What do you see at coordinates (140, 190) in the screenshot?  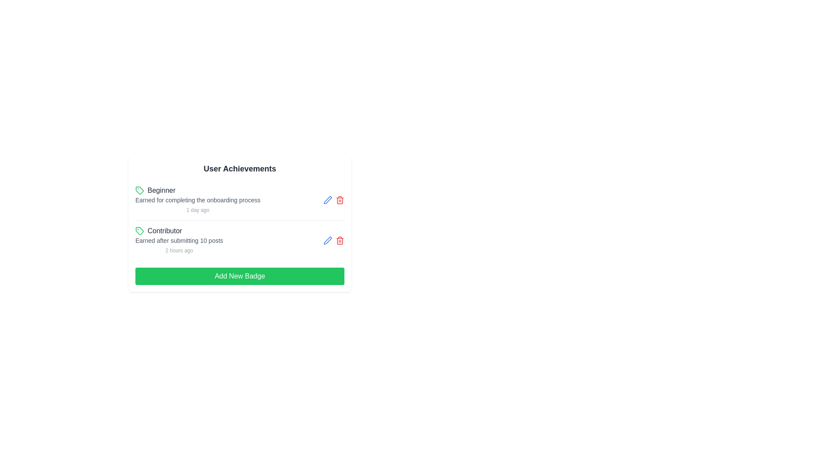 I see `the SVG icon resembling a tag with a green outline, positioned to the left of the 'Beginner' text in the 'User Achievements' section` at bounding box center [140, 190].